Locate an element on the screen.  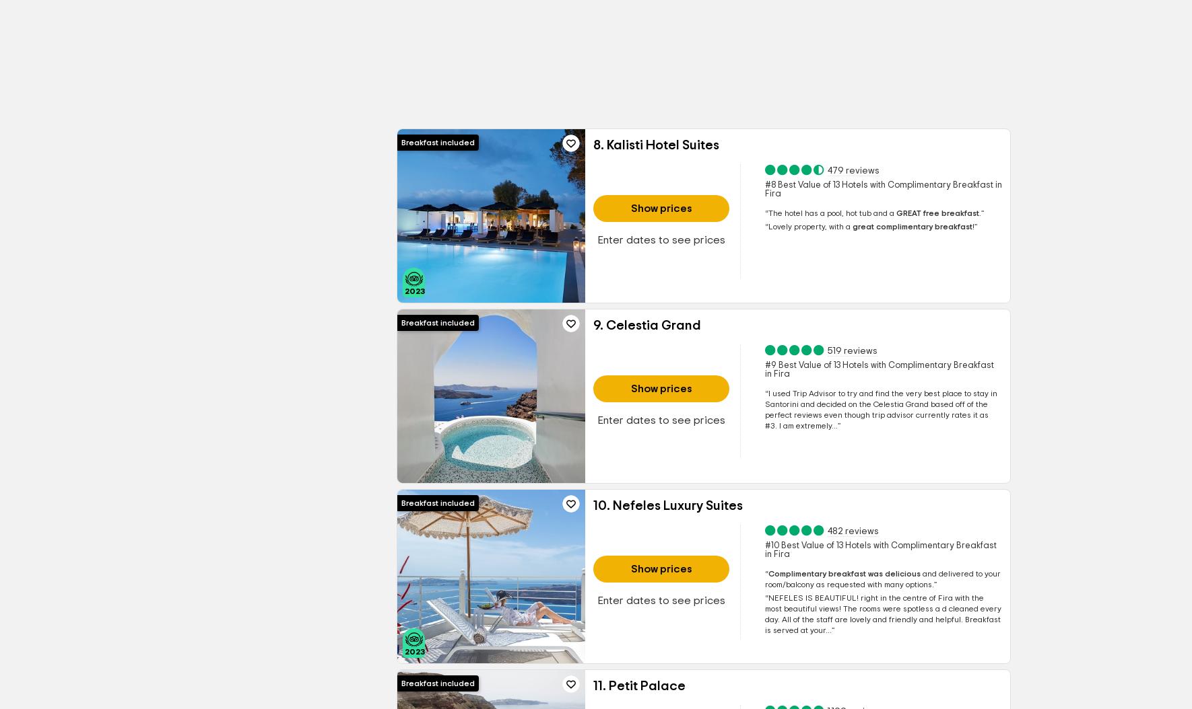
'Complimentary breakfast was delicious' is located at coordinates (842, 574).